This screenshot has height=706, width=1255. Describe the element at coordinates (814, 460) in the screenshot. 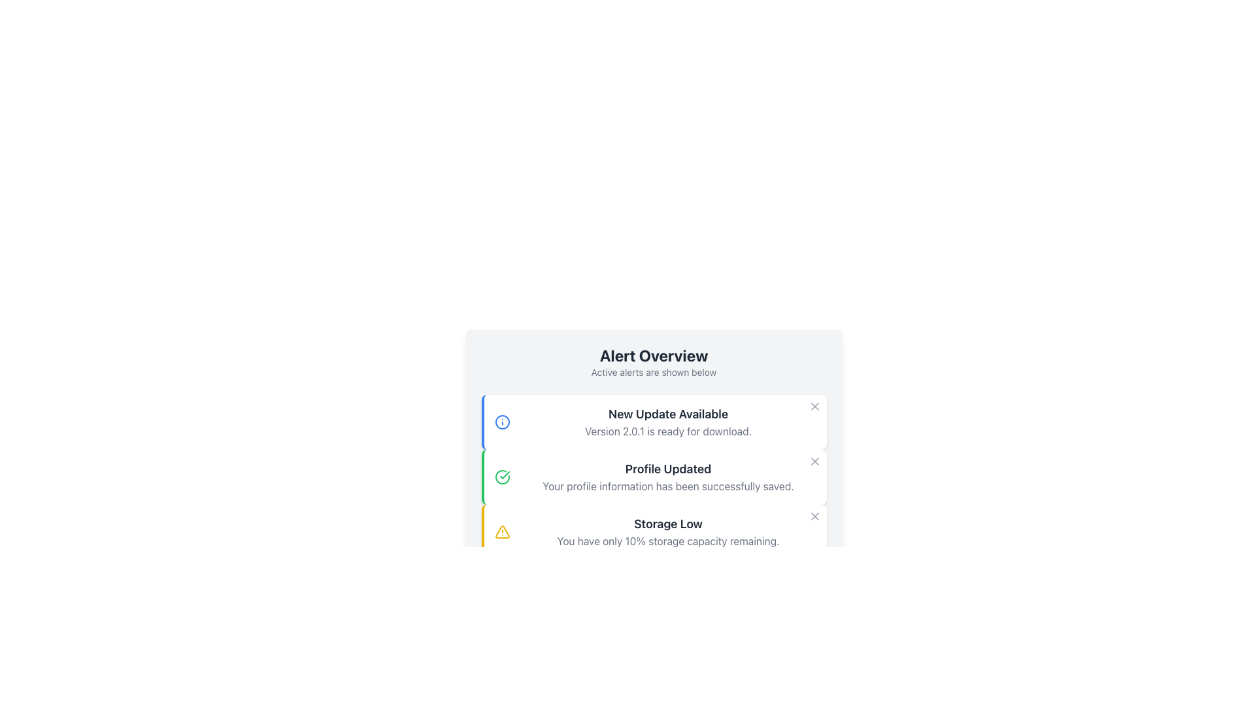

I see `the close icon styled as an 'X' located in the middle of the third notification box labeled 'Profile Updated'` at that location.